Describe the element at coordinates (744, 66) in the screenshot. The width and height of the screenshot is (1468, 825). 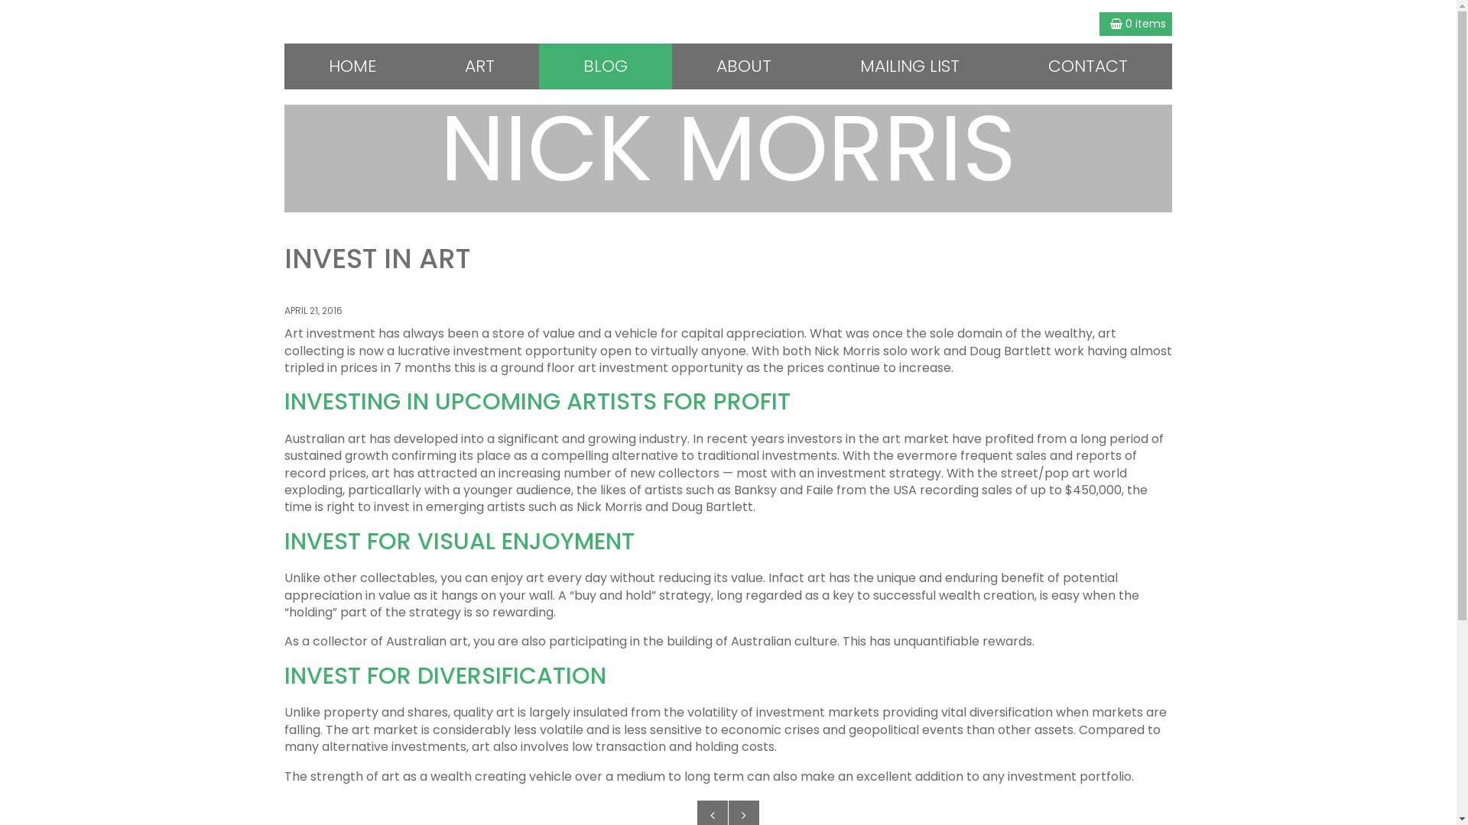
I see `'ABOUT'` at that location.